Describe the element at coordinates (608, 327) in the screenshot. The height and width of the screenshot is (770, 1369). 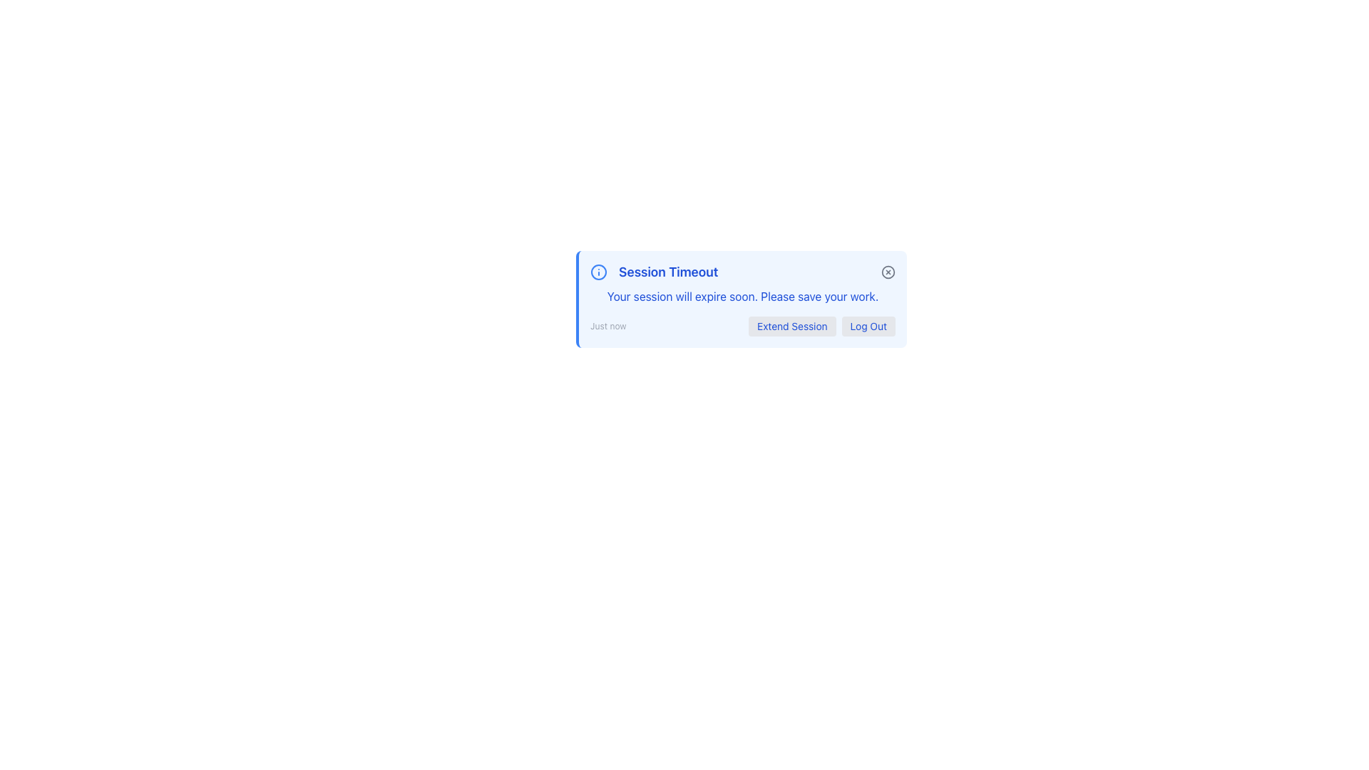
I see `the 'Just now' text label, which displays a timestamp in small, light gray sans-serif font, located in the bottom-left corner of the notification box` at that location.